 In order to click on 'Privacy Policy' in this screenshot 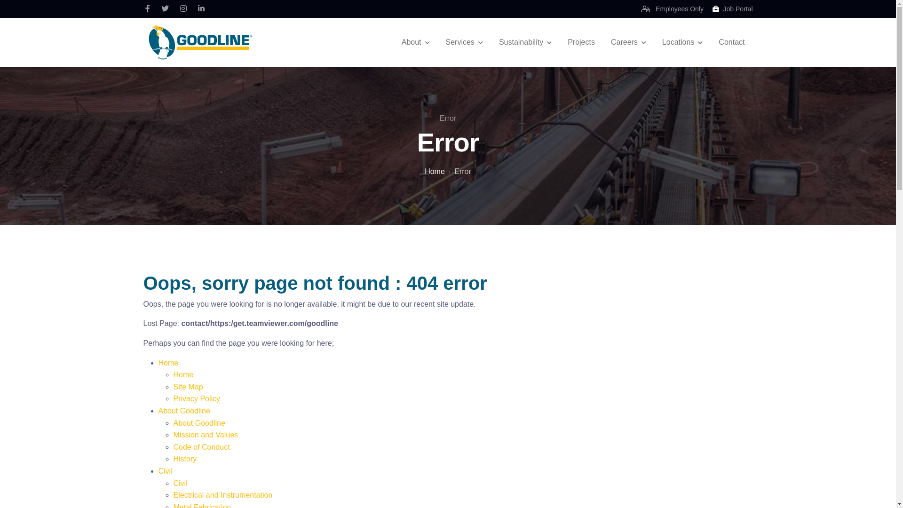, I will do `click(173, 398)`.